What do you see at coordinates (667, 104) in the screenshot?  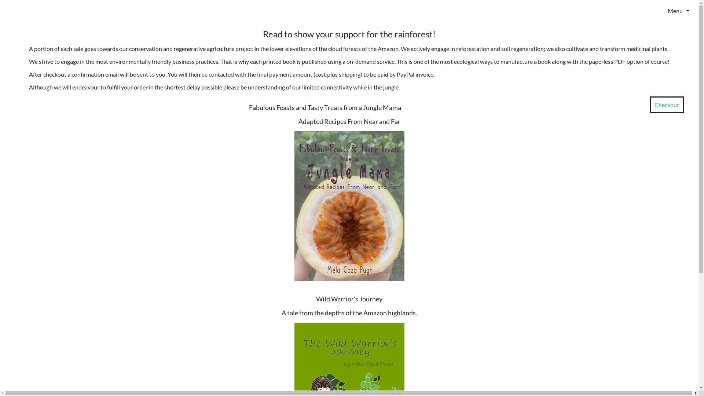 I see `'Checkout'` at bounding box center [667, 104].